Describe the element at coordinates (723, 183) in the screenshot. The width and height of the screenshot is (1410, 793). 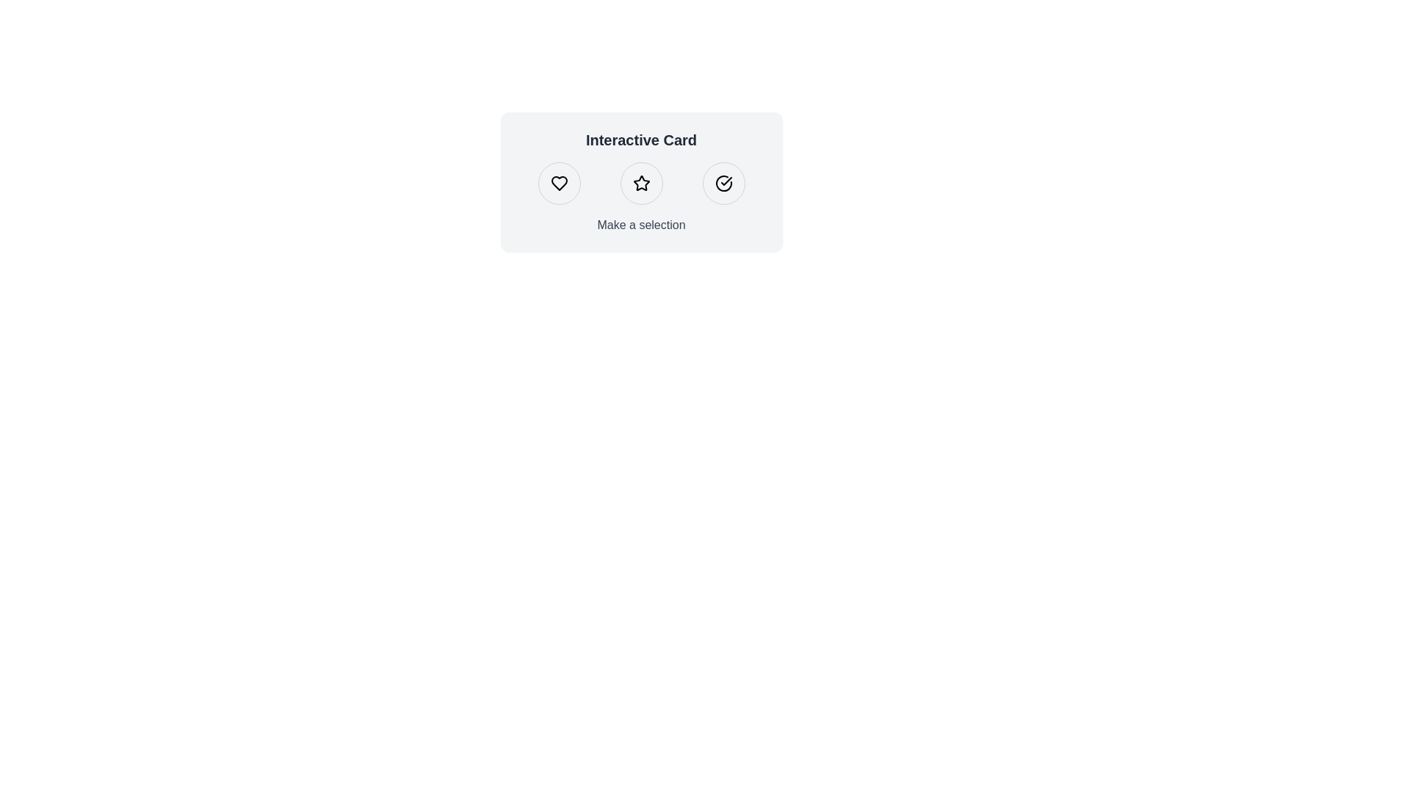
I see `the third button in a horizontal row of three buttons on the right side to confirm the action` at that location.